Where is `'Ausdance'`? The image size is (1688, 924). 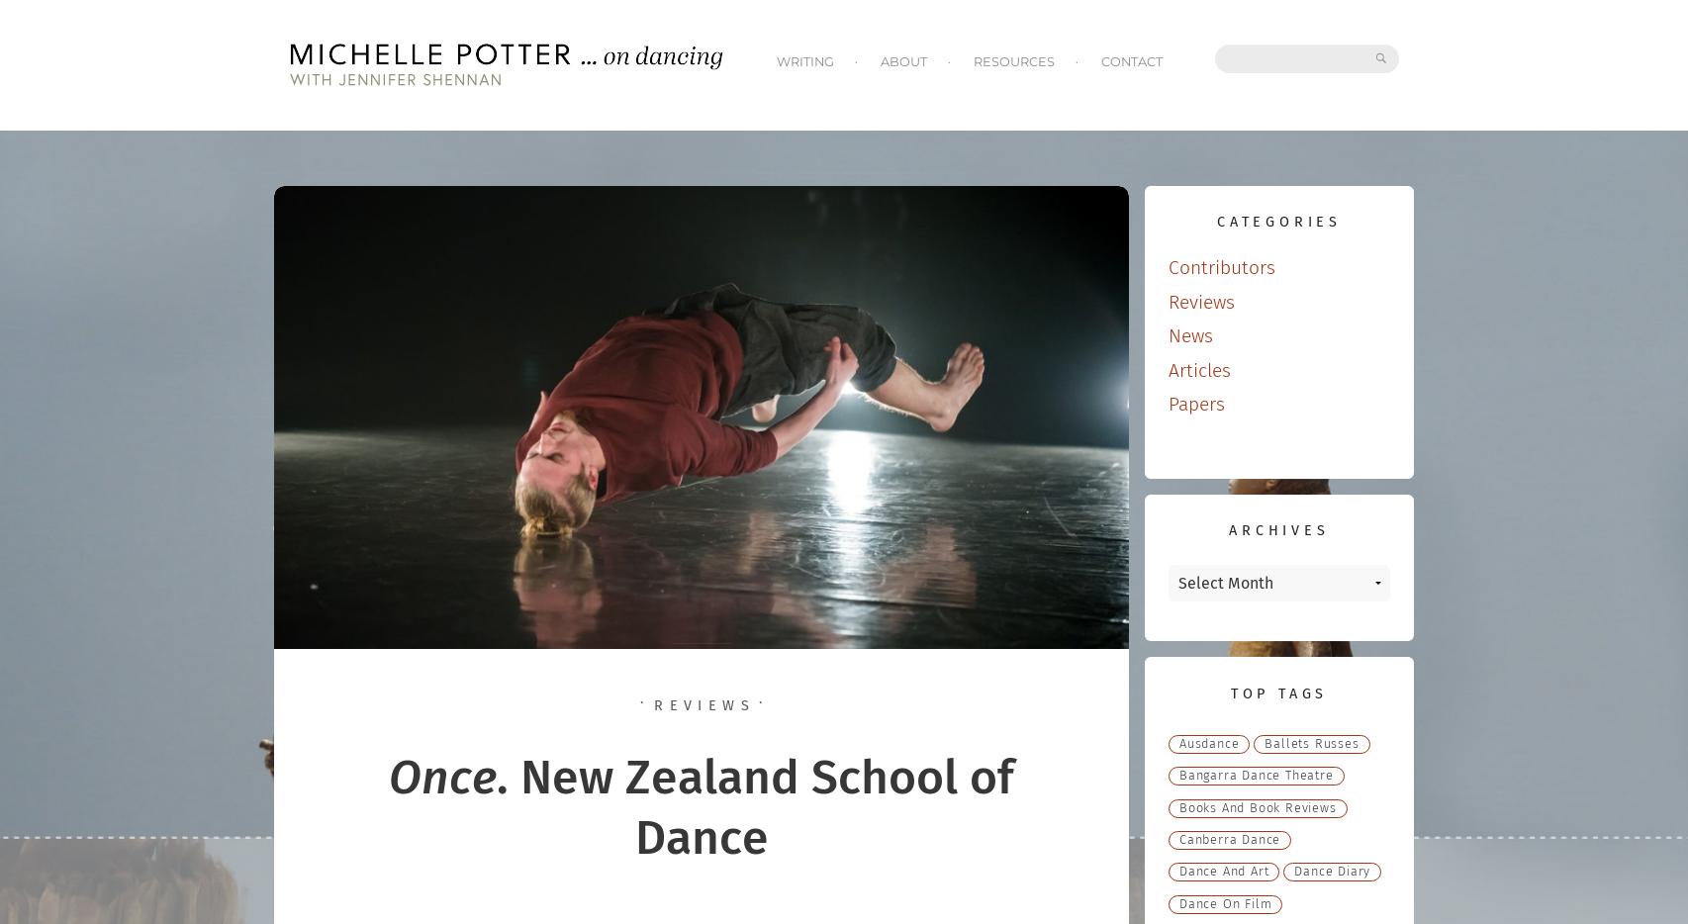
'Ausdance' is located at coordinates (1209, 742).